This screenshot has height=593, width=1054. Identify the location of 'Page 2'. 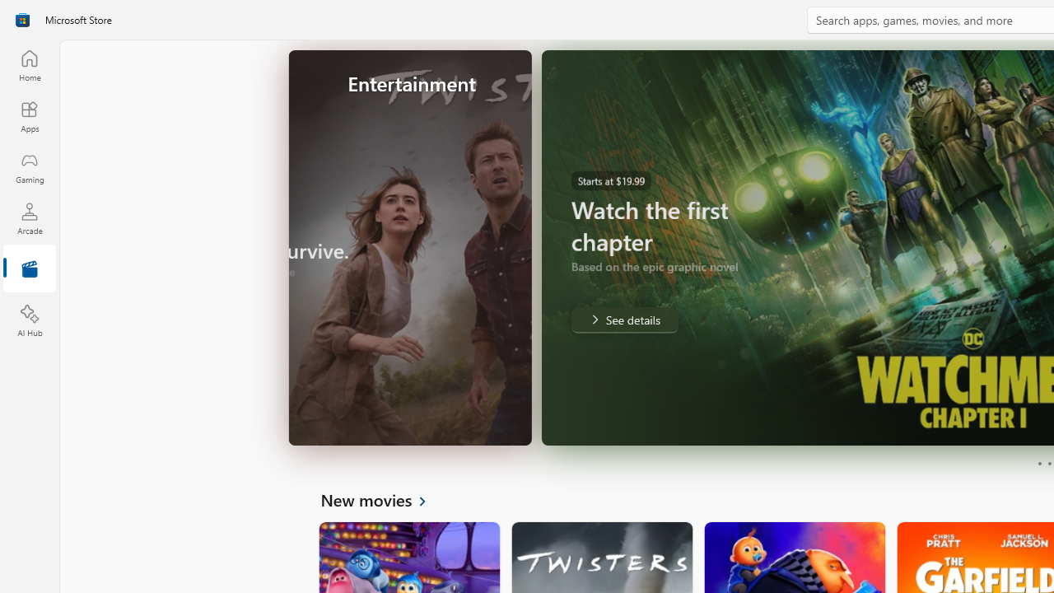
(1048, 464).